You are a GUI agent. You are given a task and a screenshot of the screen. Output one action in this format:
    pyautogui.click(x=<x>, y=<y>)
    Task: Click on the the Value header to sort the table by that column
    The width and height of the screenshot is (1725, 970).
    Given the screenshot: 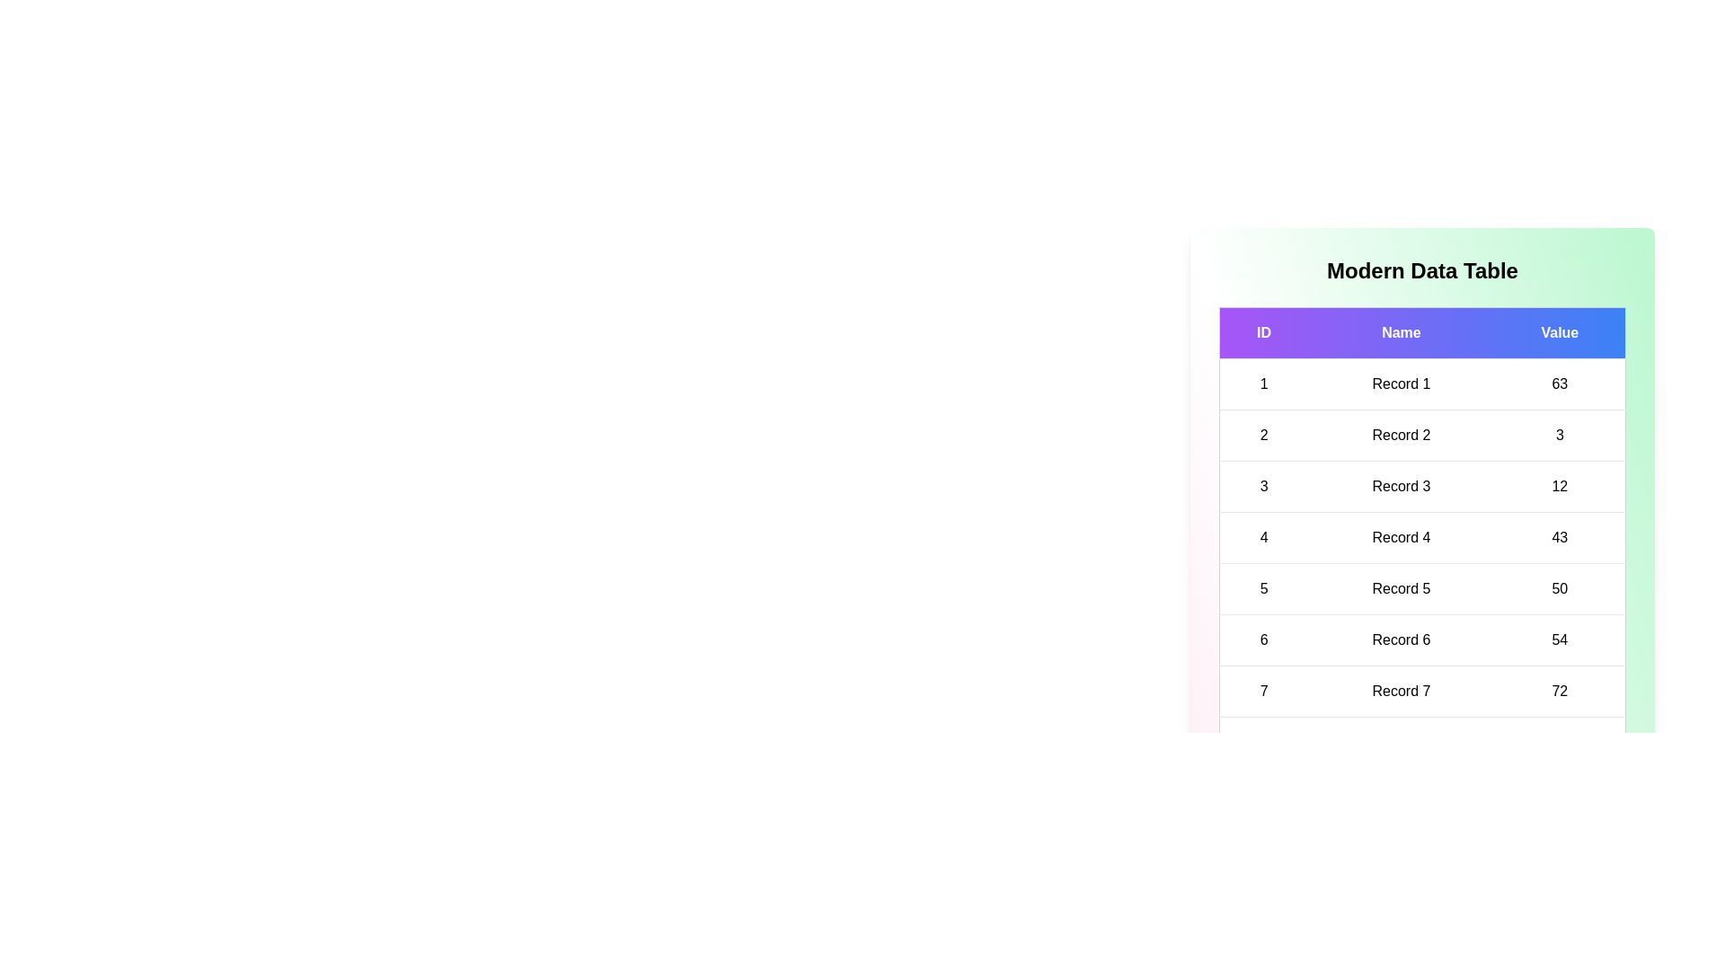 What is the action you would take?
    pyautogui.click(x=1559, y=332)
    